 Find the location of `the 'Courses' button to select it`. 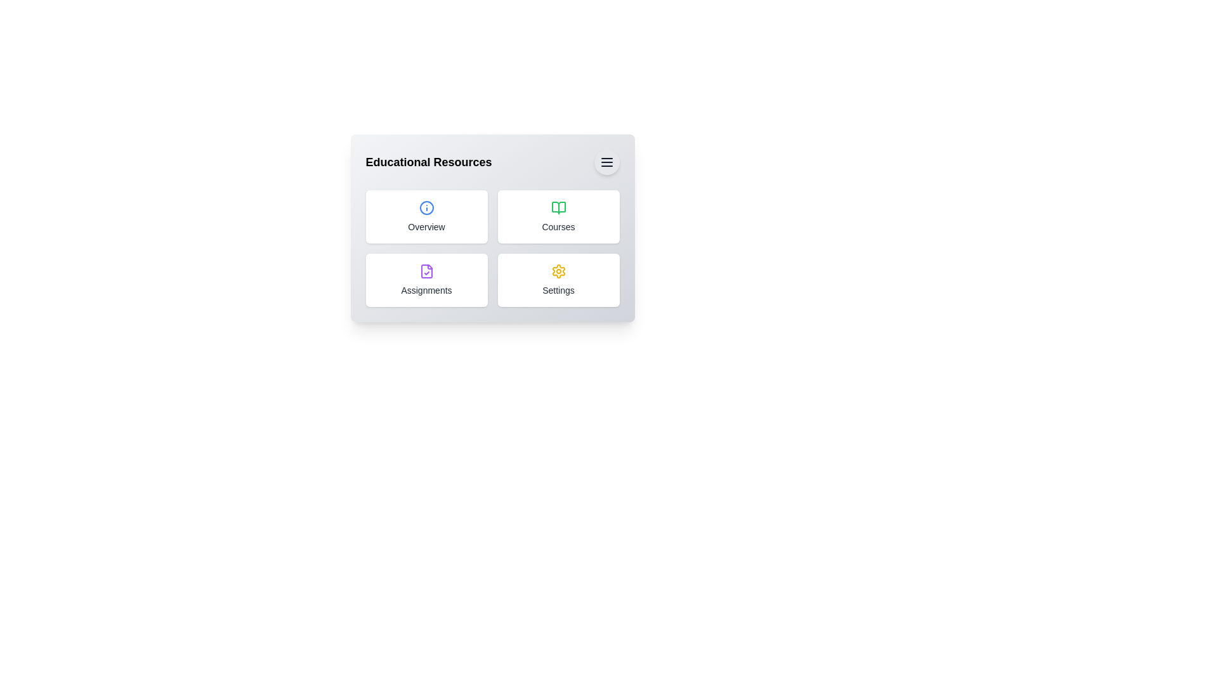

the 'Courses' button to select it is located at coordinates (558, 216).